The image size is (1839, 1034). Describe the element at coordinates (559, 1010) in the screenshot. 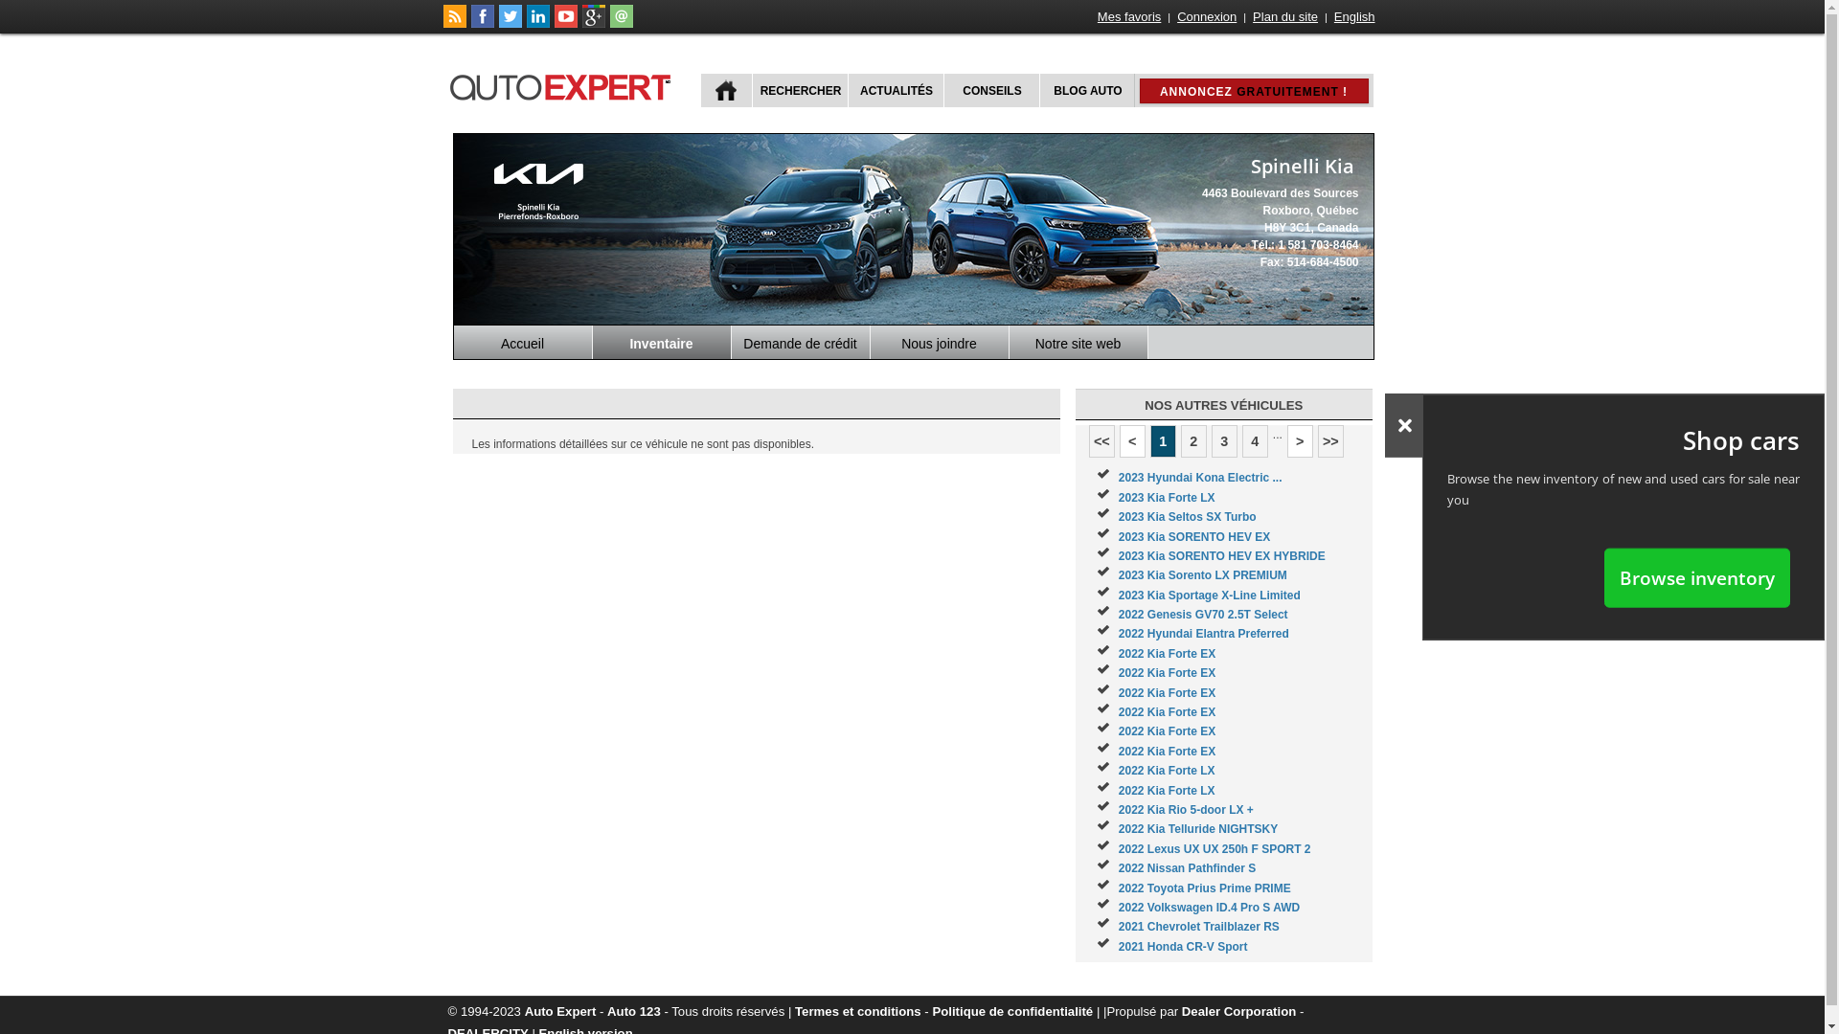

I see `'Auto Expert'` at that location.